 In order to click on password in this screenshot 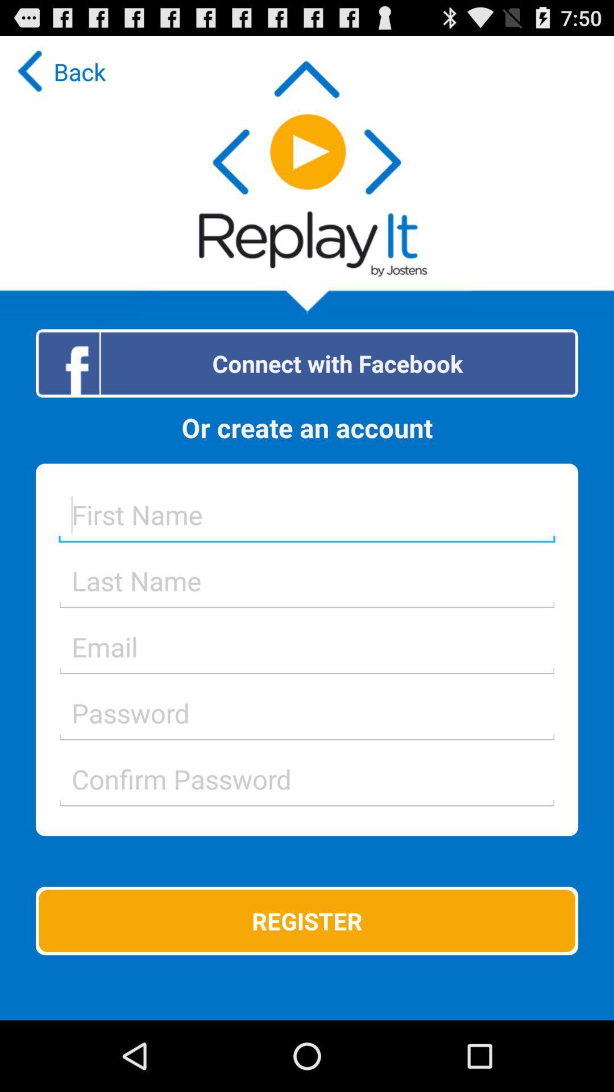, I will do `click(307, 712)`.